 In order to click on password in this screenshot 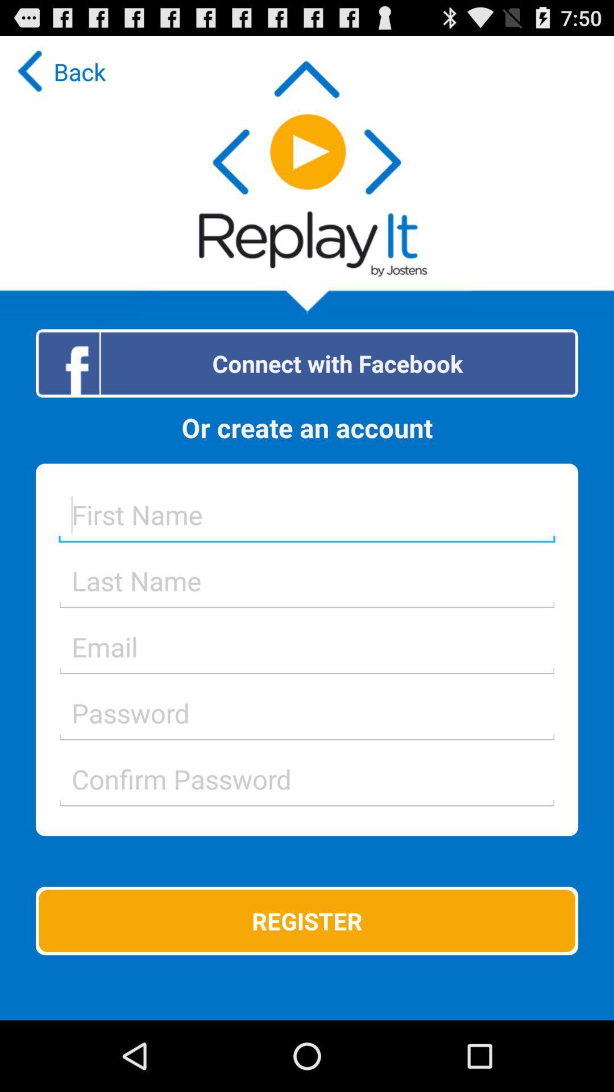, I will do `click(307, 712)`.